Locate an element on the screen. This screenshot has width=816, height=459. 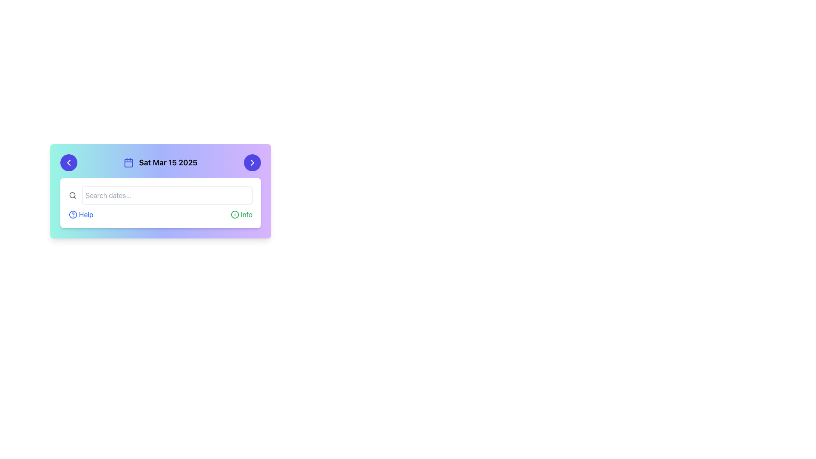
the circular button with a deep indigo background and a white leftward-pointing chevron is located at coordinates (69, 162).